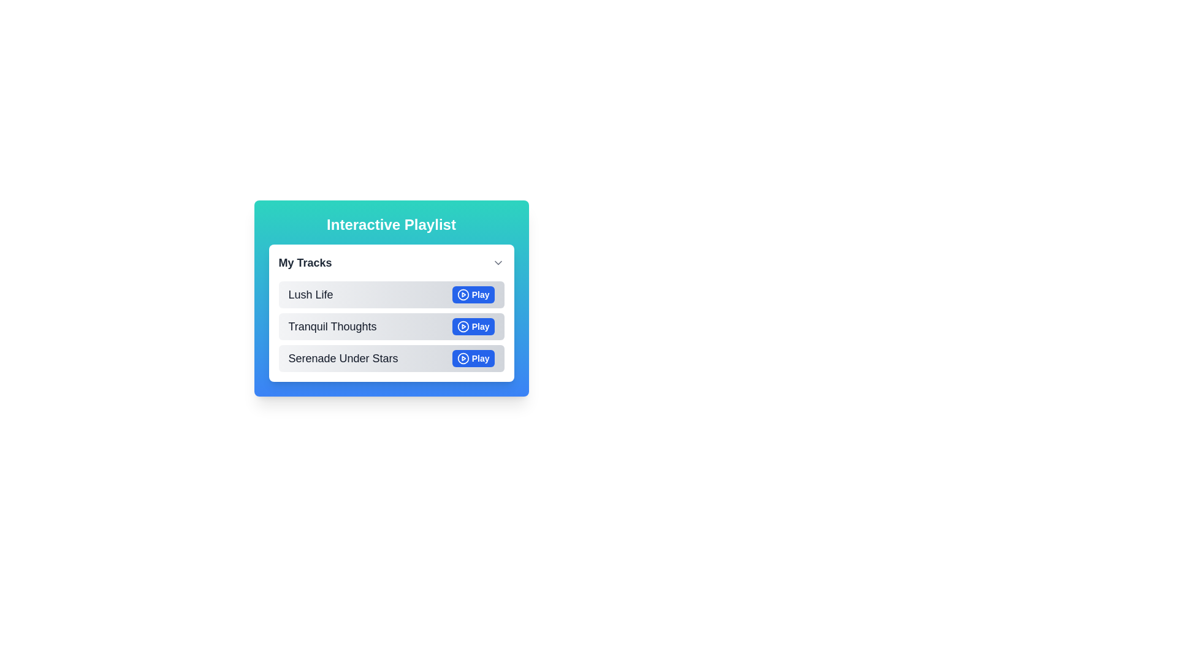 Image resolution: width=1177 pixels, height=662 pixels. I want to click on the list item labeled 'Lush Life' that contains a blue 'Play' button, so click(390, 295).